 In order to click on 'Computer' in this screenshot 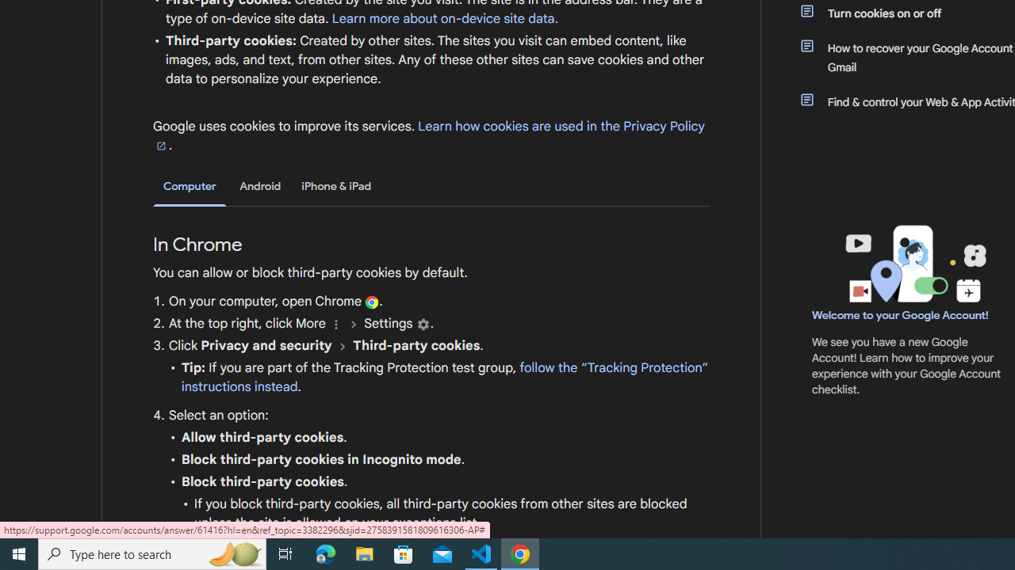, I will do `click(190, 186)`.